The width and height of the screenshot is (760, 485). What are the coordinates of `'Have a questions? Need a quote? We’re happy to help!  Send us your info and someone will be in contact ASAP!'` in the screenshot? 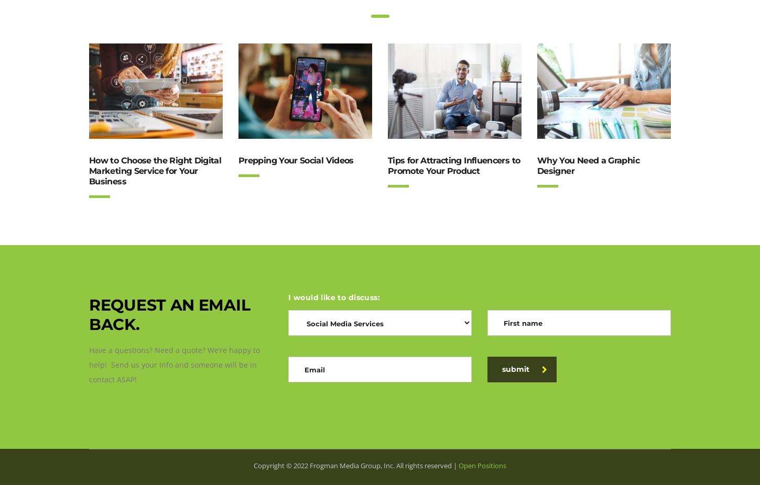 It's located at (175, 365).